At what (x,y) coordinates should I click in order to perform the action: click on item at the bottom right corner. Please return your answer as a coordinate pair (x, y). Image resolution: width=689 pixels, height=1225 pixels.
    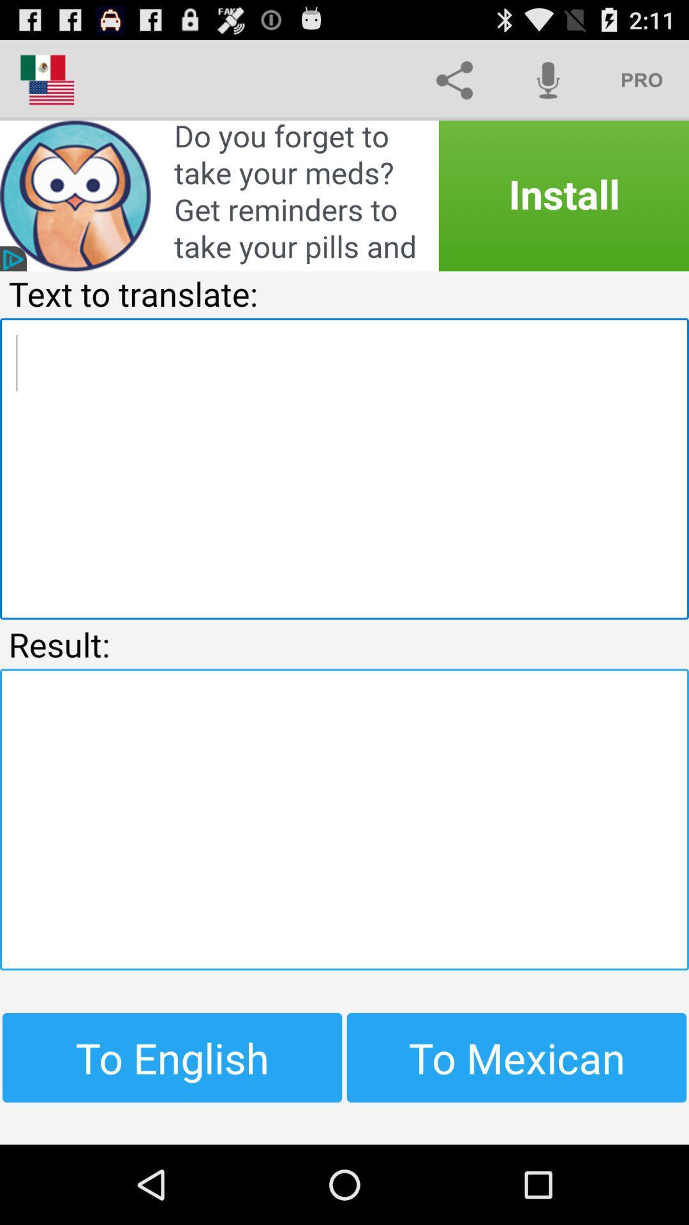
    Looking at the image, I should click on (517, 1057).